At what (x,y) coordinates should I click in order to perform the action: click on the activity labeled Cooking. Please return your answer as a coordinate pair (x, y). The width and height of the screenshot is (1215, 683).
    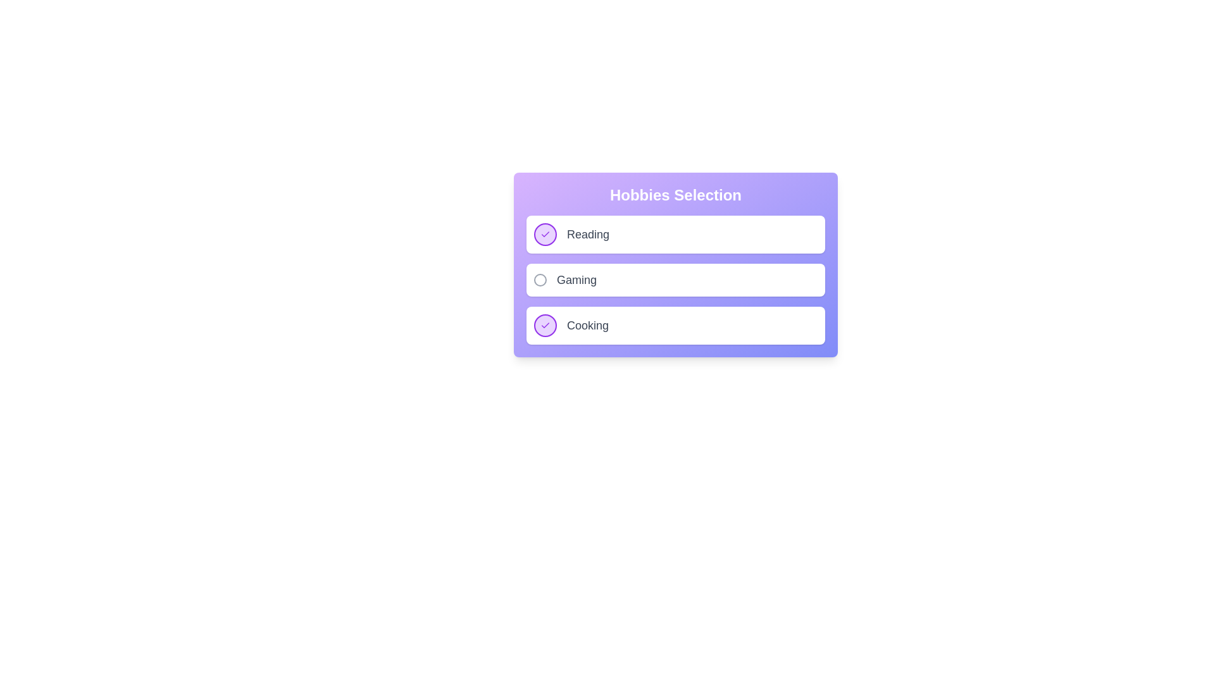
    Looking at the image, I should click on (587, 325).